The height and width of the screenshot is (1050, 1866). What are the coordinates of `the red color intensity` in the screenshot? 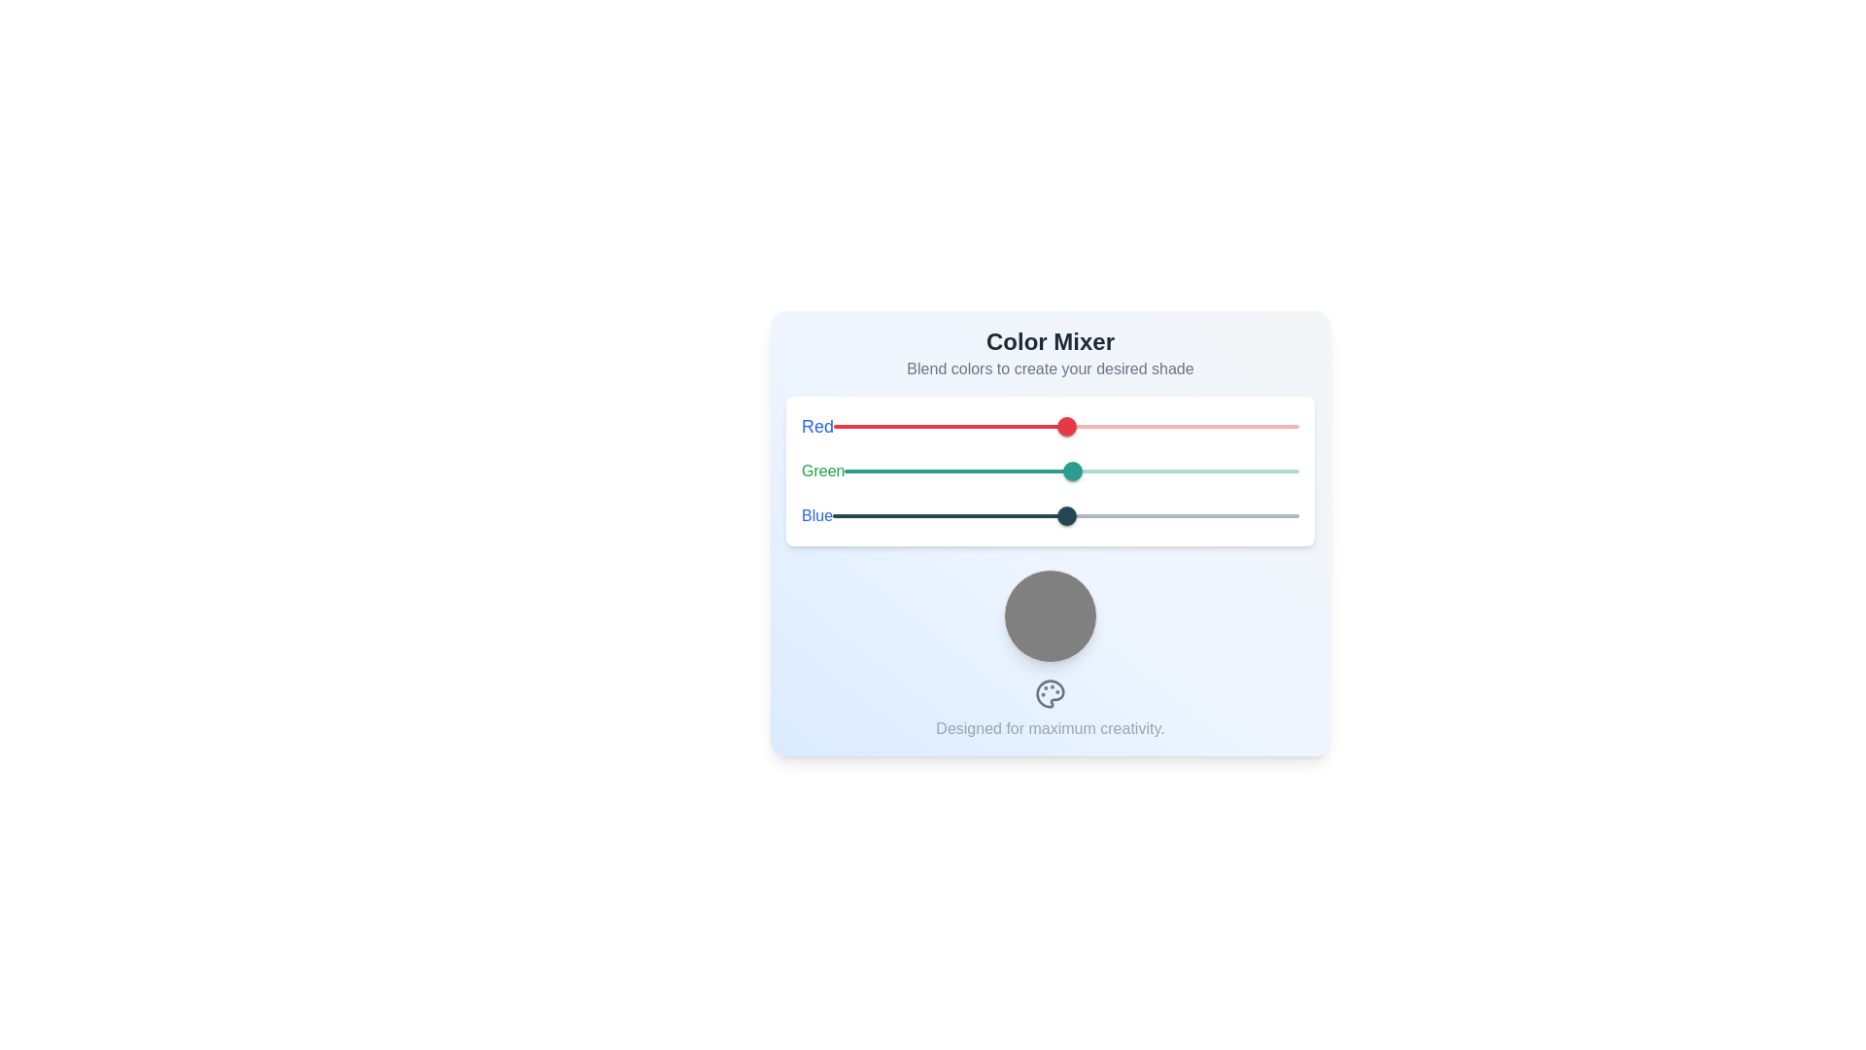 It's located at (1292, 426).